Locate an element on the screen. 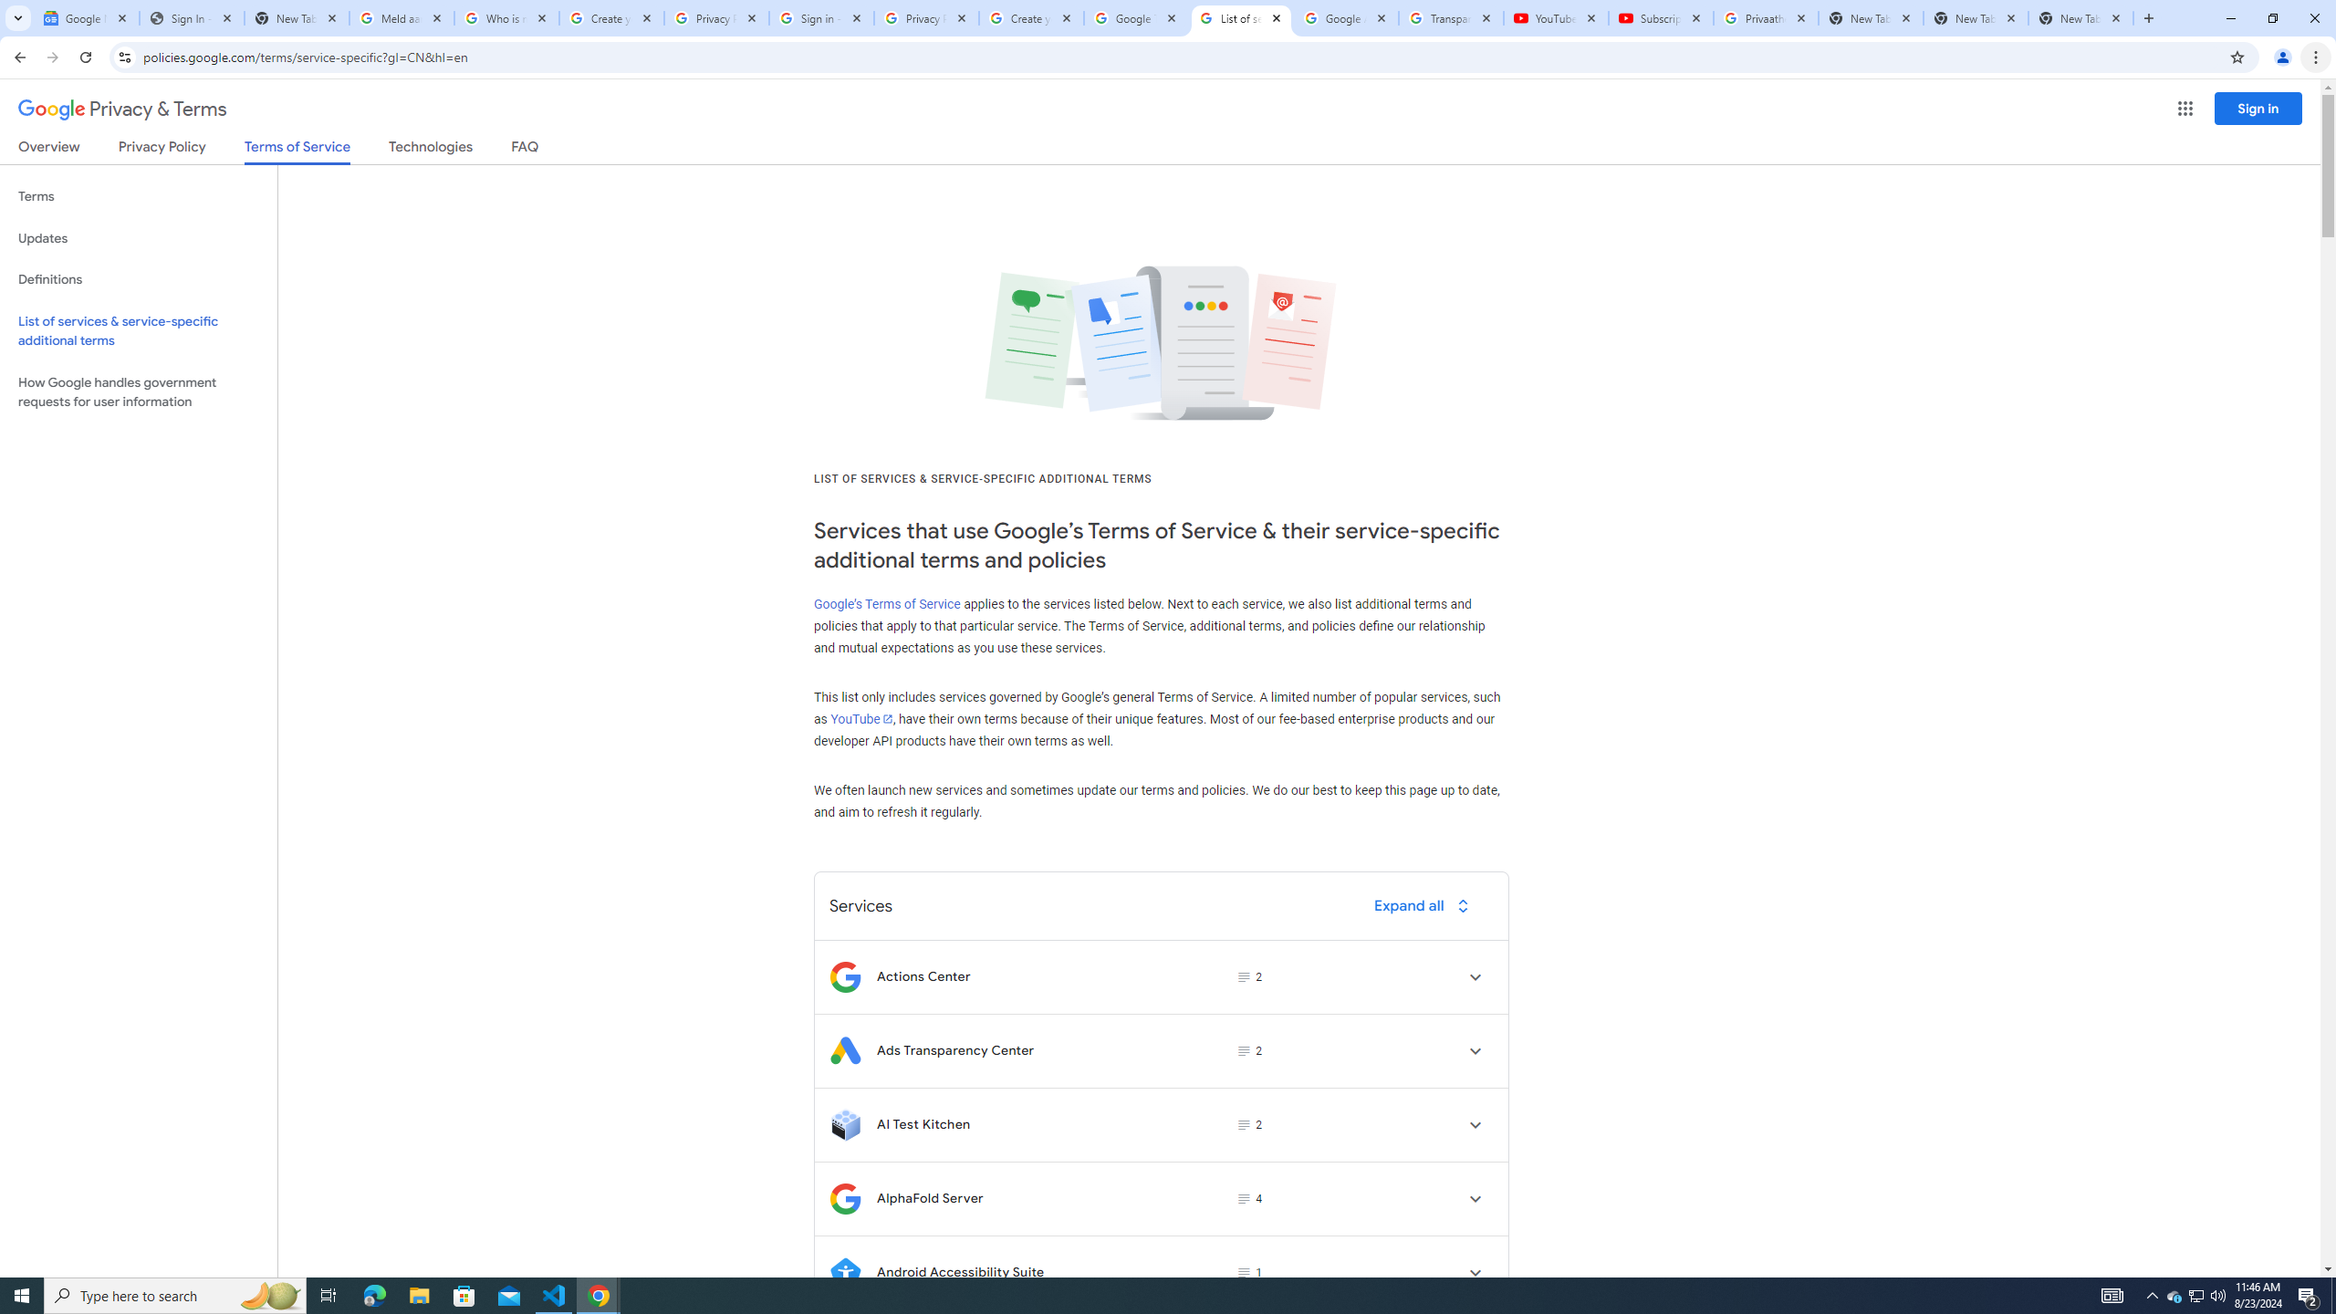  'Logo for Android Accessibility Suite' is located at coordinates (844, 1272).